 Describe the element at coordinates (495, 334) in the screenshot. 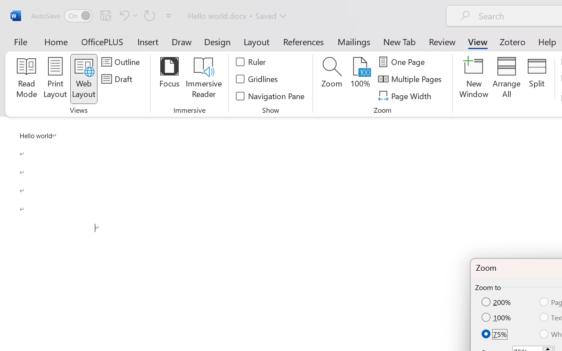

I see `'75%'` at that location.